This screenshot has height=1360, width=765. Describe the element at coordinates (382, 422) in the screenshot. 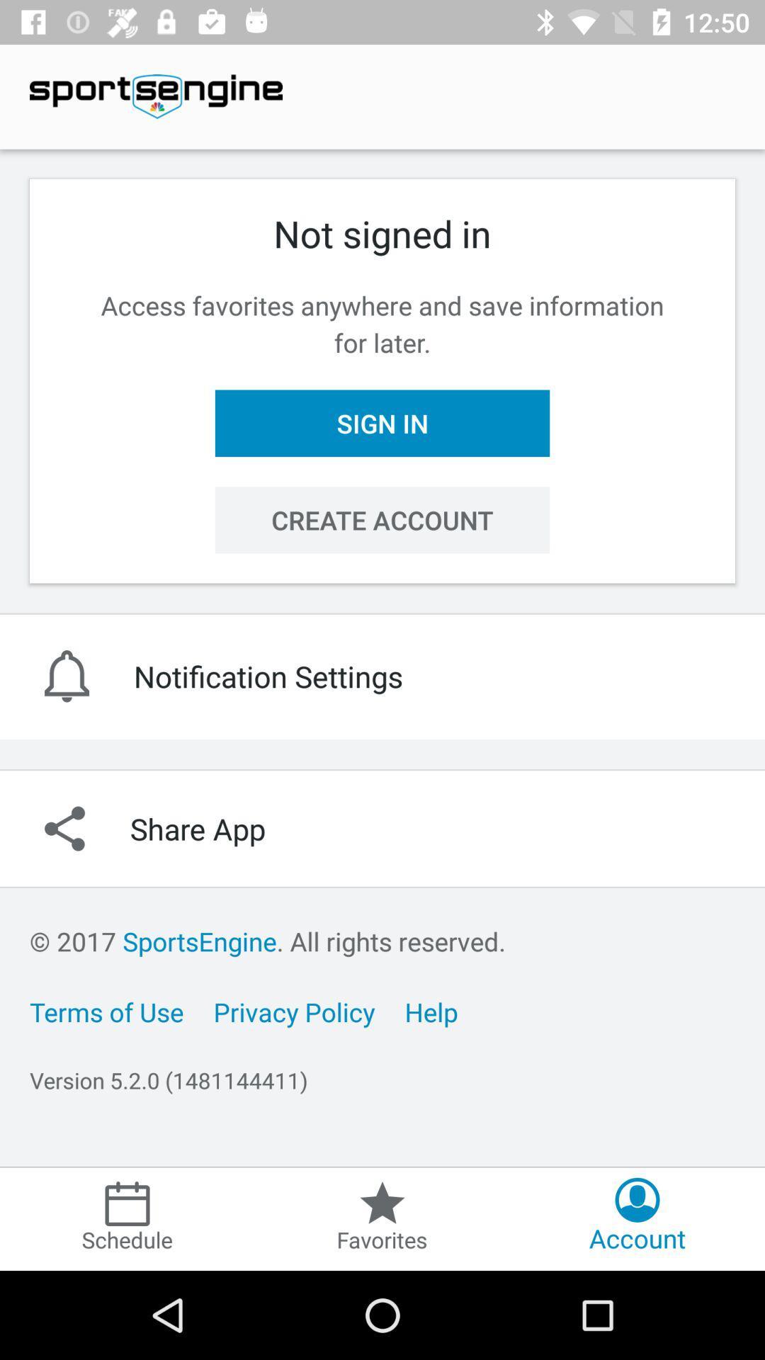

I see `icon below the access favorites anywhere` at that location.